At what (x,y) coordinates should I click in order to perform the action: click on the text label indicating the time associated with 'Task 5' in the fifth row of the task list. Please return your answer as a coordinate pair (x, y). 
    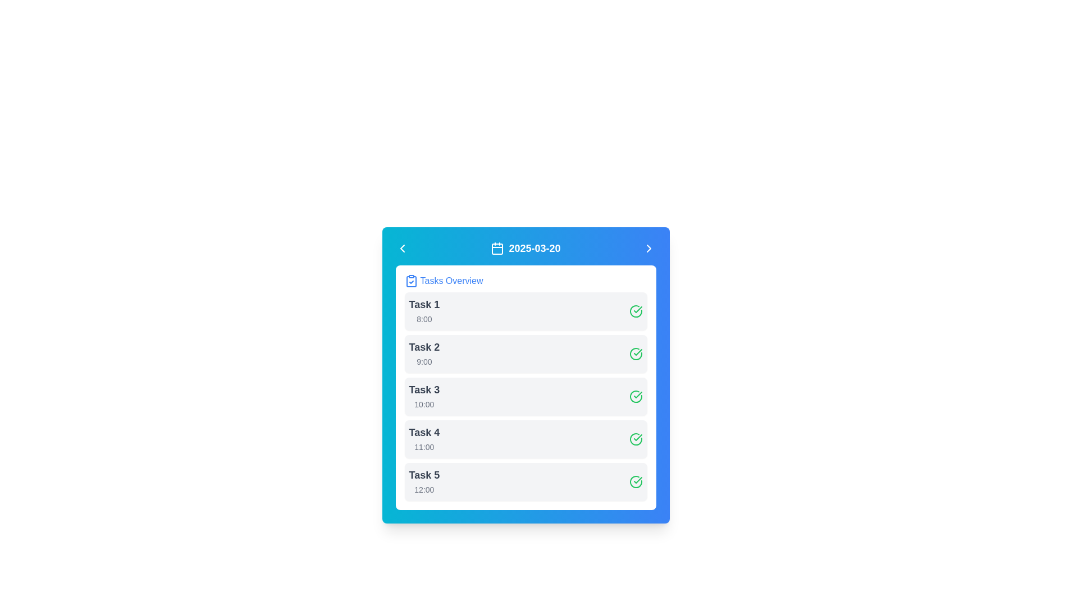
    Looking at the image, I should click on (423, 489).